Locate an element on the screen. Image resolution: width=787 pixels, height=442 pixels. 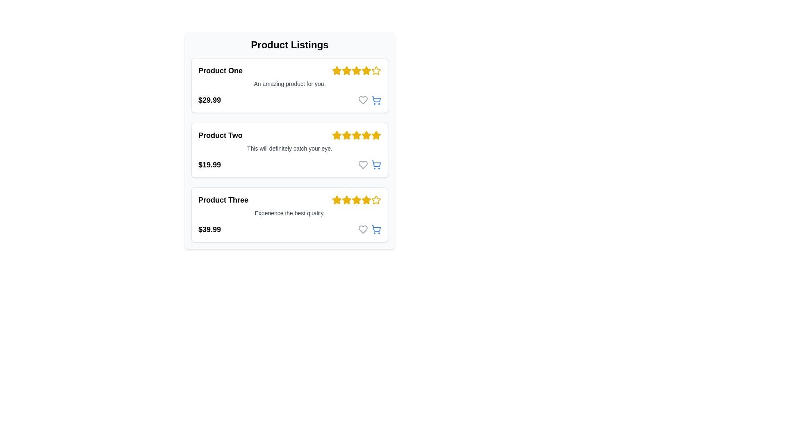
the prominent bold text label displaying '$19.99' located below the product description in the second product listing card is located at coordinates (209, 165).